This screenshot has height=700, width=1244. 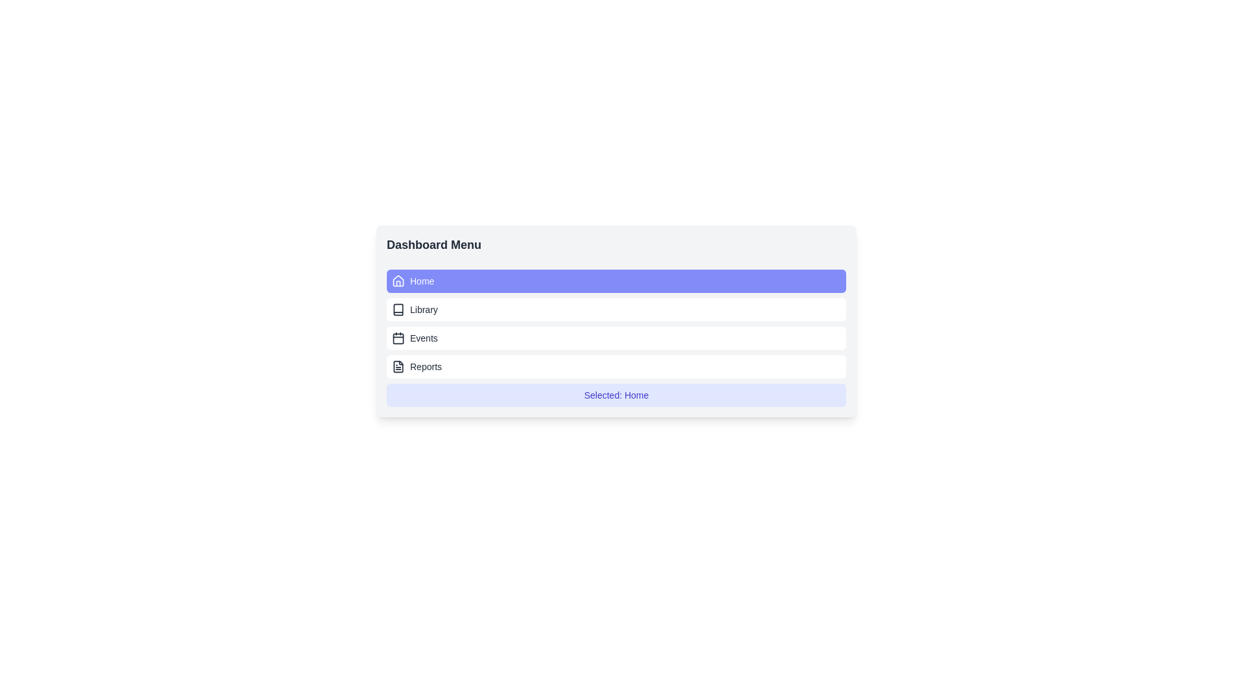 I want to click on the menu button labeled Events, so click(x=616, y=337).